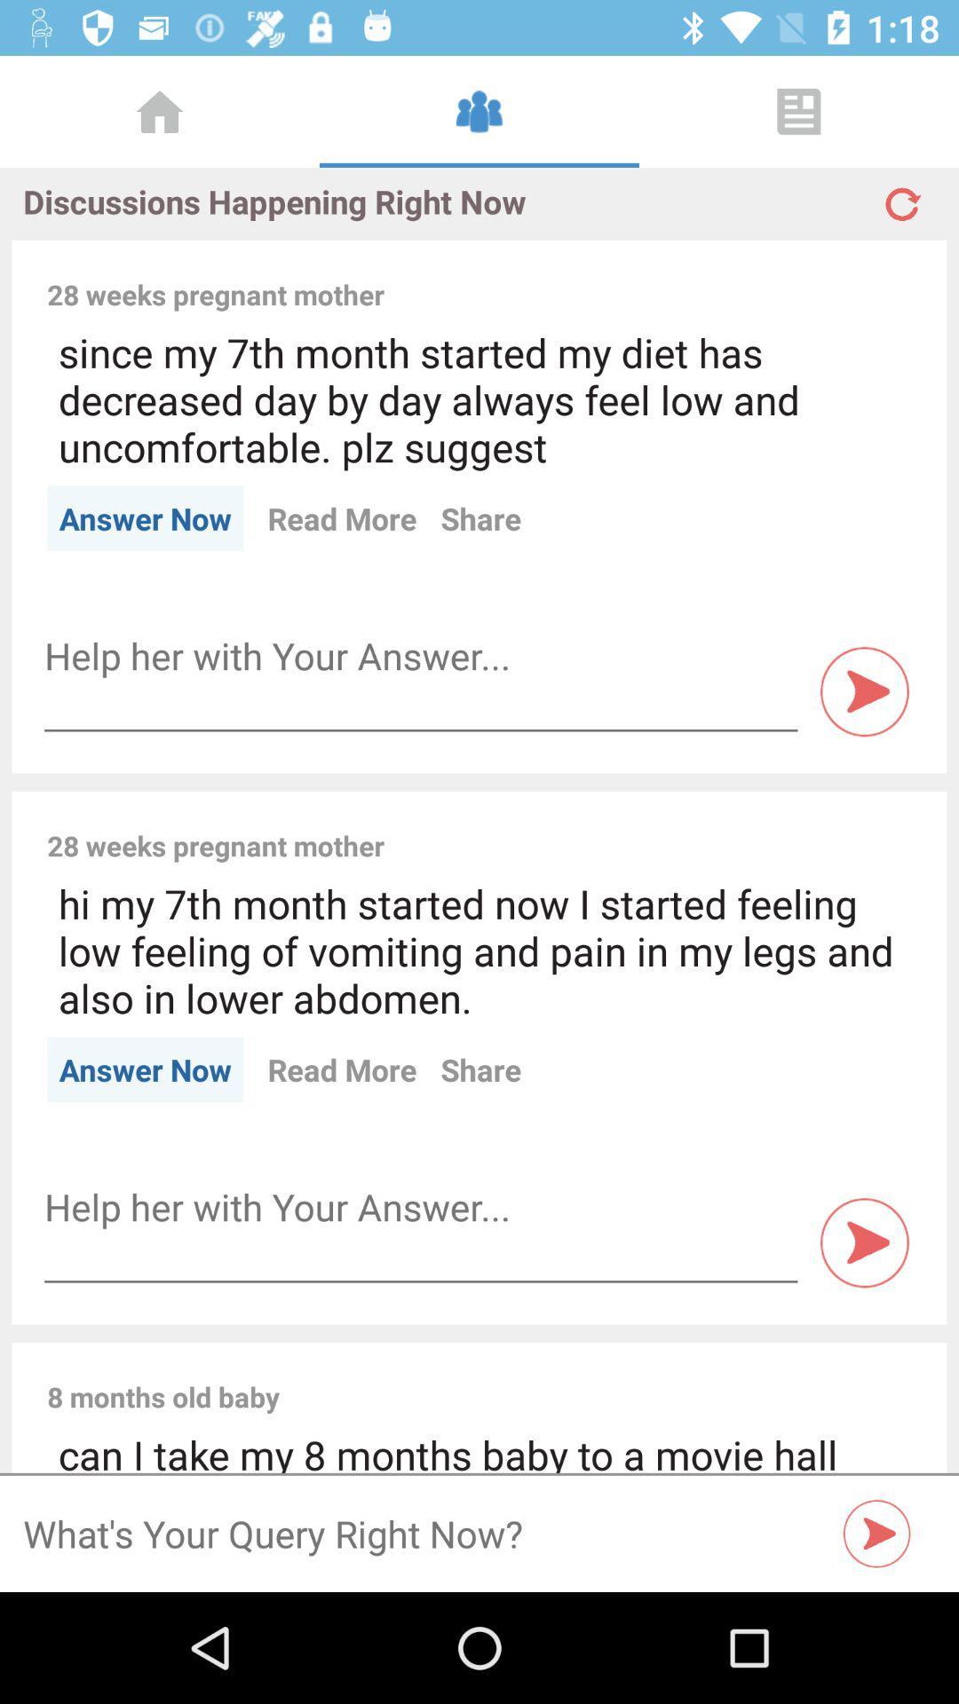 Image resolution: width=959 pixels, height=1704 pixels. Describe the element at coordinates (606, 1377) in the screenshot. I see `item above can i take` at that location.